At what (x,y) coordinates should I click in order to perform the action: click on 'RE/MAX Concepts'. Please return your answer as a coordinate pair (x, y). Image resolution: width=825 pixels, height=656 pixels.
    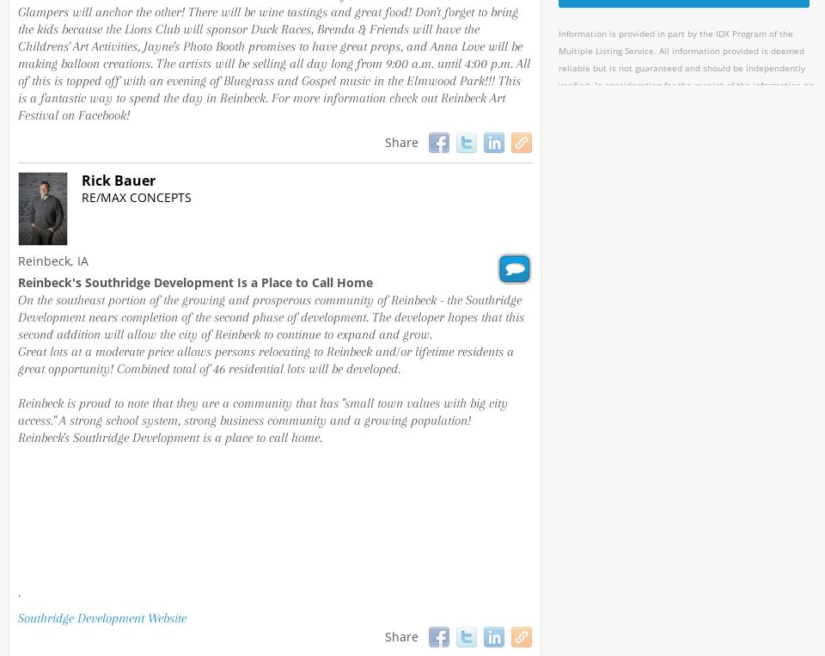
    Looking at the image, I should click on (135, 196).